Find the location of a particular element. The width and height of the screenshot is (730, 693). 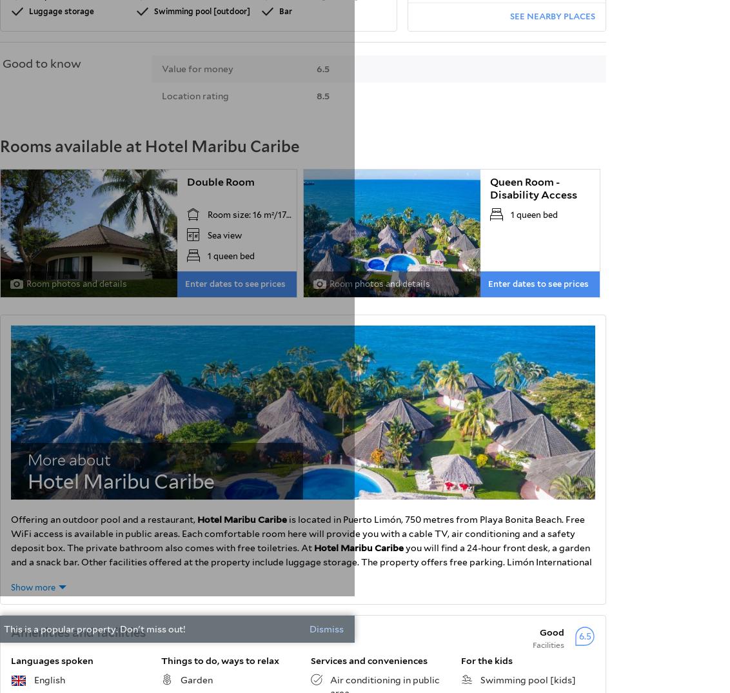

'Room size: 16 m²/172 ft²' is located at coordinates (254, 213).